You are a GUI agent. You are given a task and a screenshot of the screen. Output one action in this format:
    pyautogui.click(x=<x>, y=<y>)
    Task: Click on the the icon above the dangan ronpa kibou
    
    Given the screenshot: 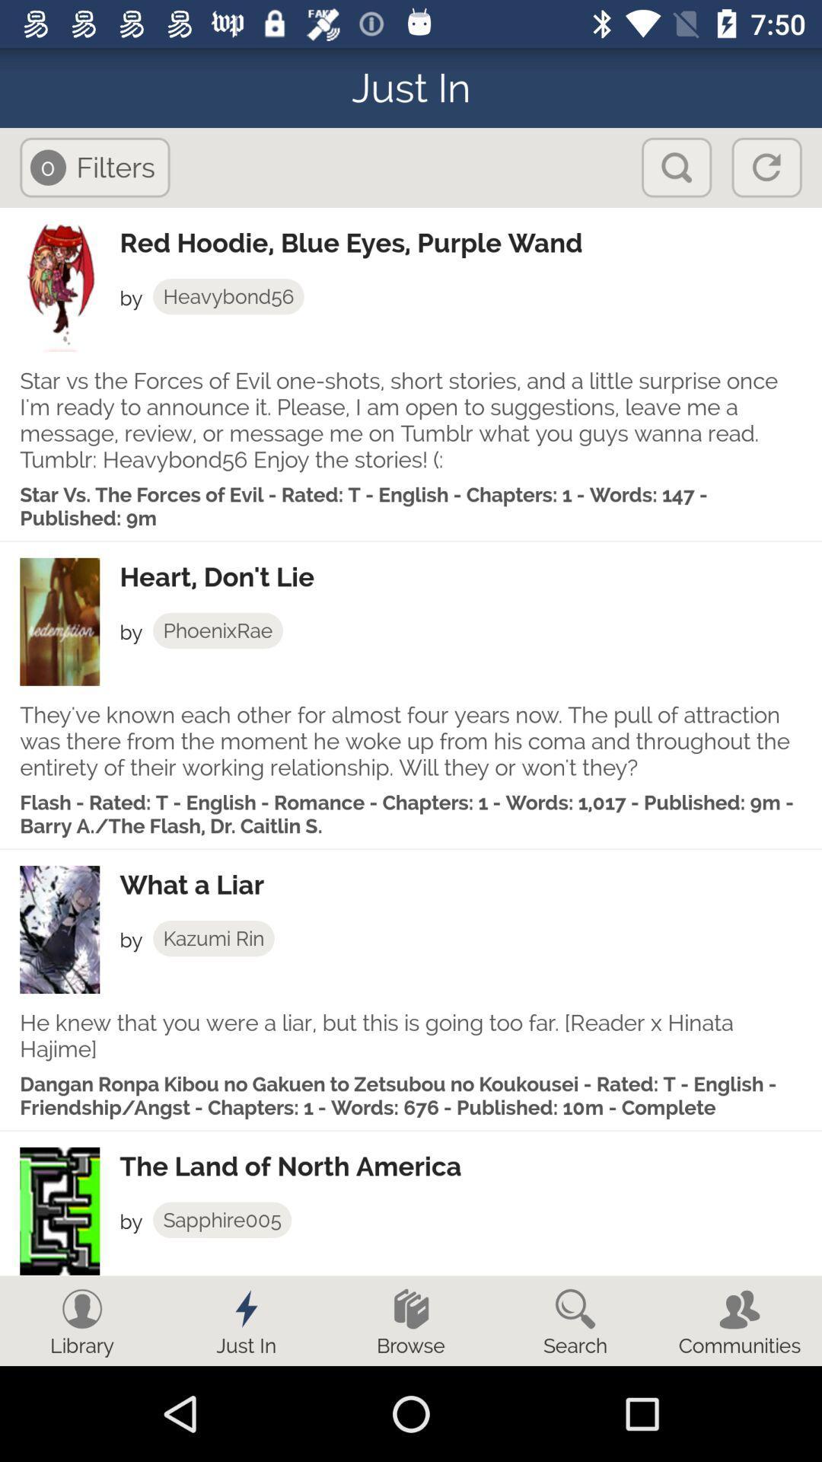 What is the action you would take?
    pyautogui.click(x=411, y=1036)
    